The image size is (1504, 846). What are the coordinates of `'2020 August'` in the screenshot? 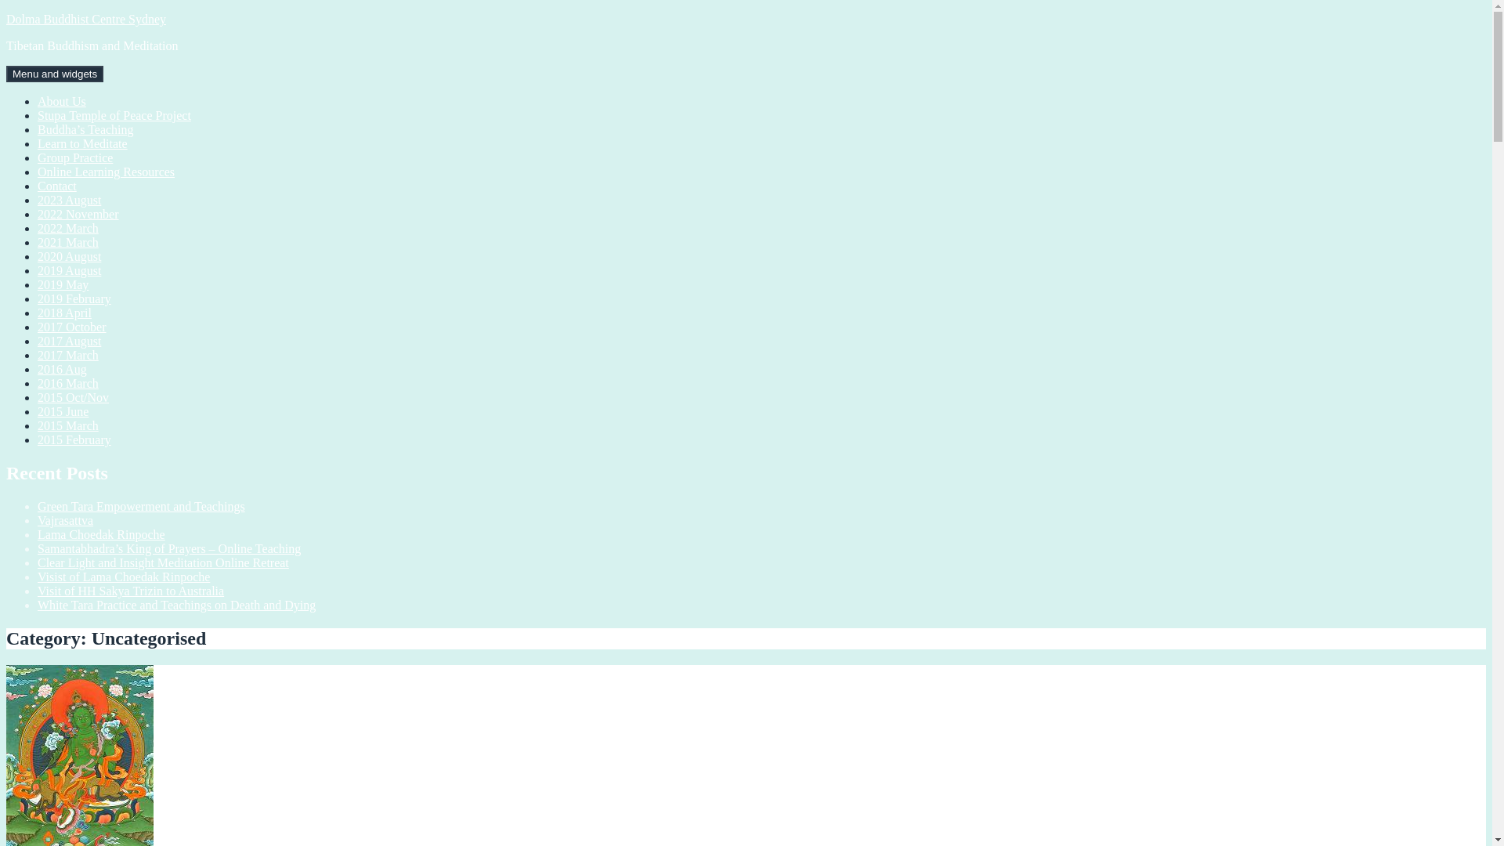 It's located at (38, 255).